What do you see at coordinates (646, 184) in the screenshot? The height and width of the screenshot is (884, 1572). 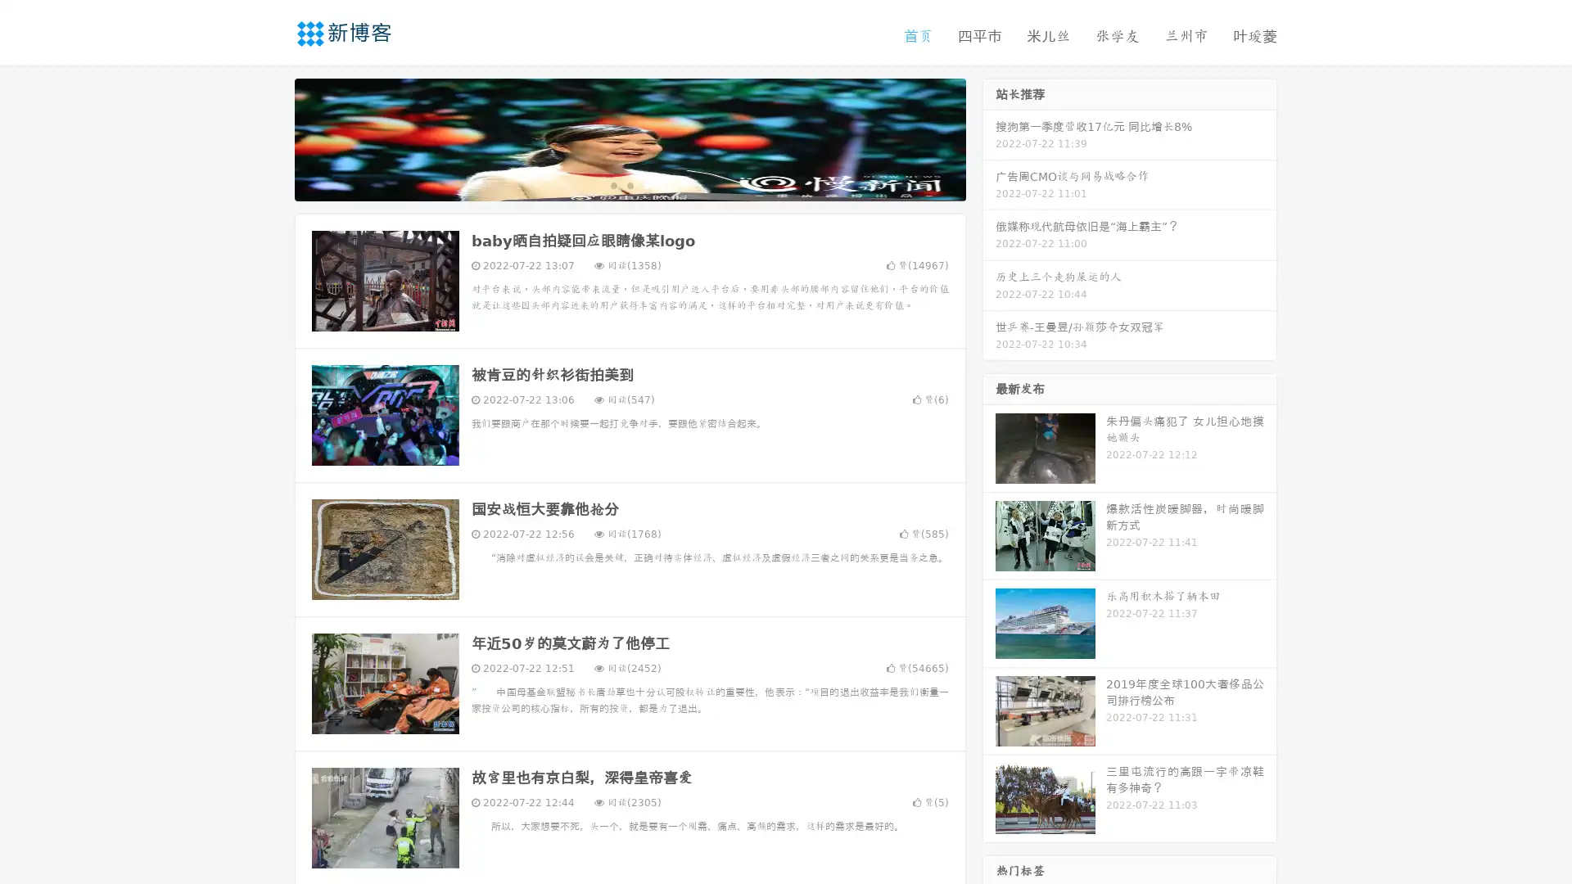 I see `Go to slide 3` at bounding box center [646, 184].